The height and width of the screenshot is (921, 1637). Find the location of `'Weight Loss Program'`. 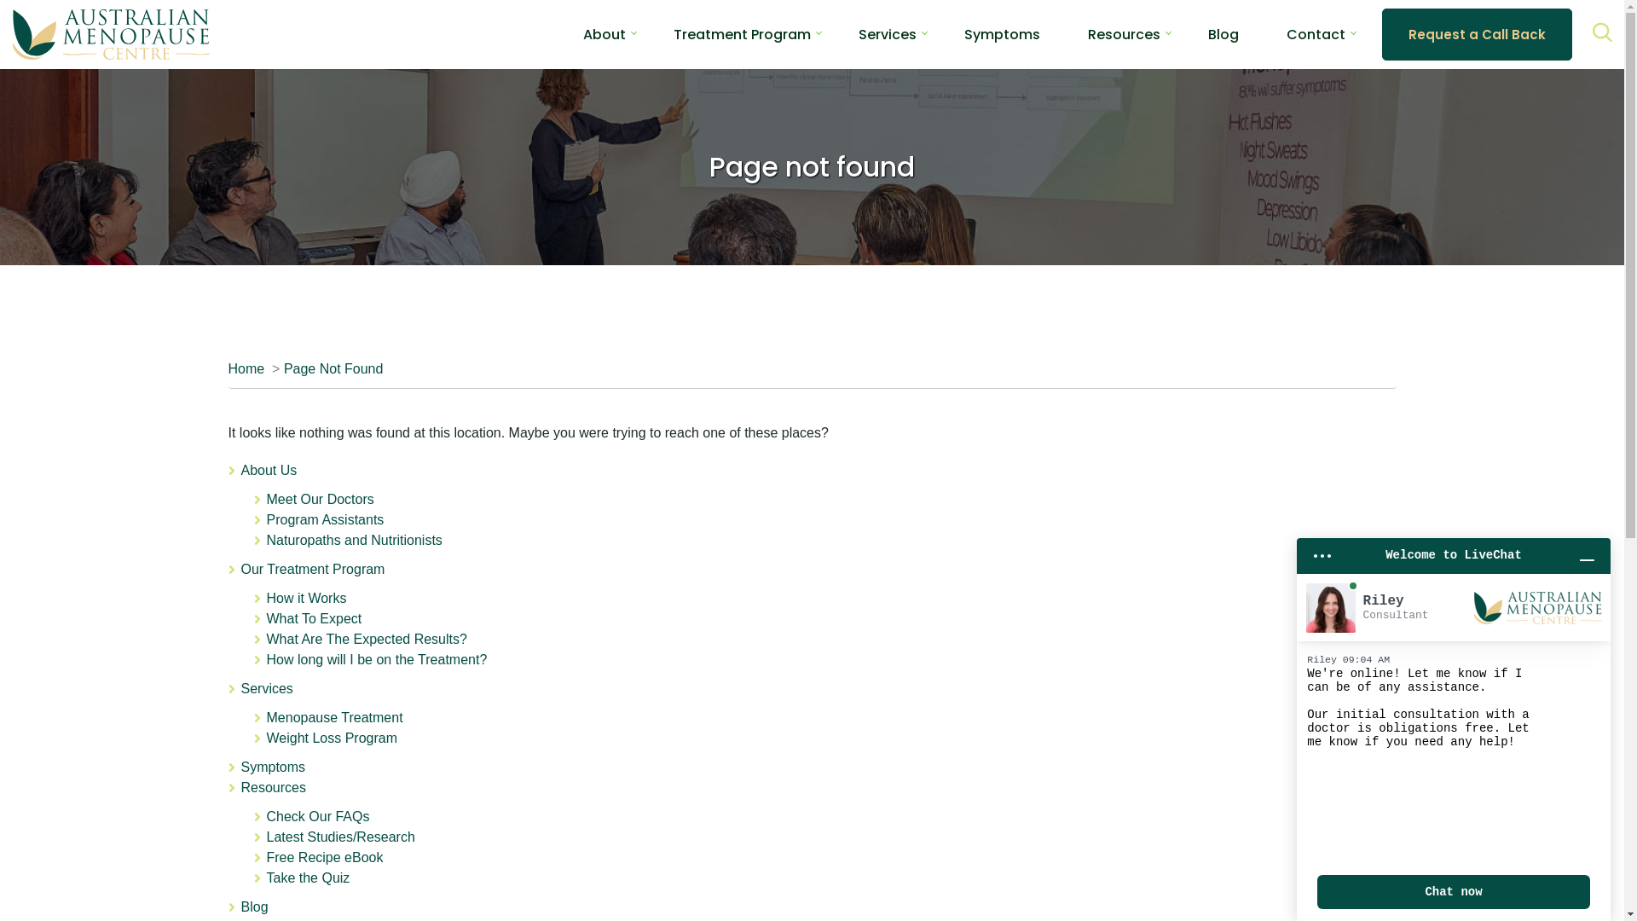

'Weight Loss Program' is located at coordinates (331, 737).